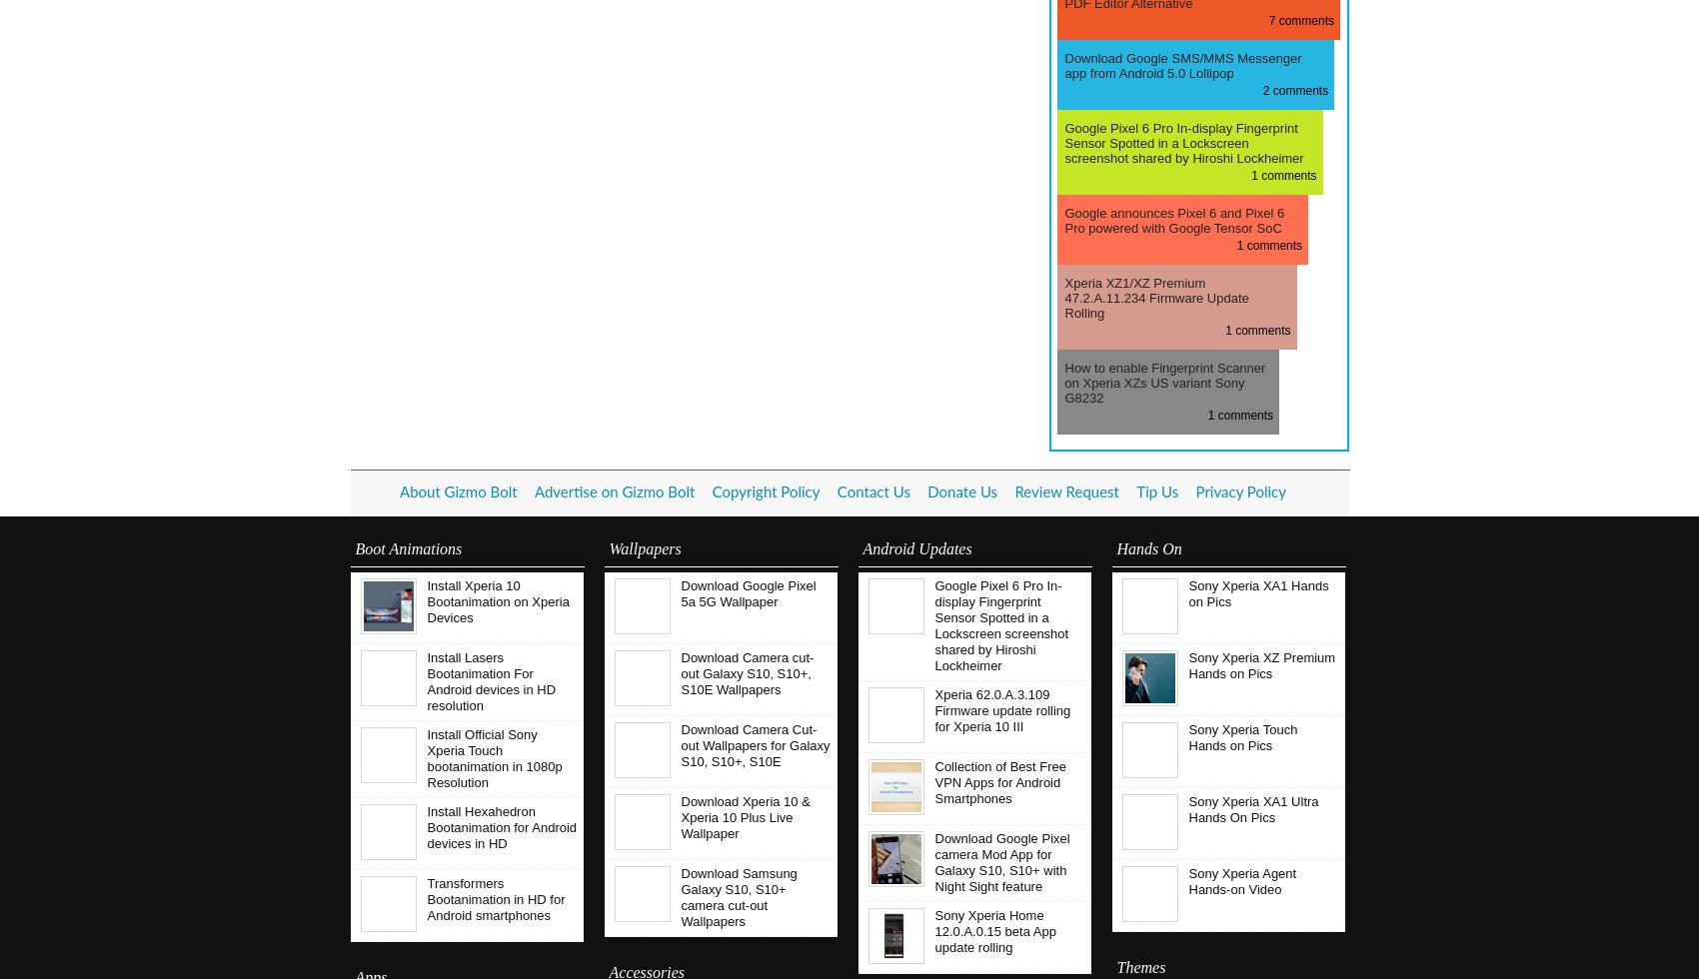 The image size is (1699, 979). What do you see at coordinates (1239, 492) in the screenshot?
I see `'Privacy Policy'` at bounding box center [1239, 492].